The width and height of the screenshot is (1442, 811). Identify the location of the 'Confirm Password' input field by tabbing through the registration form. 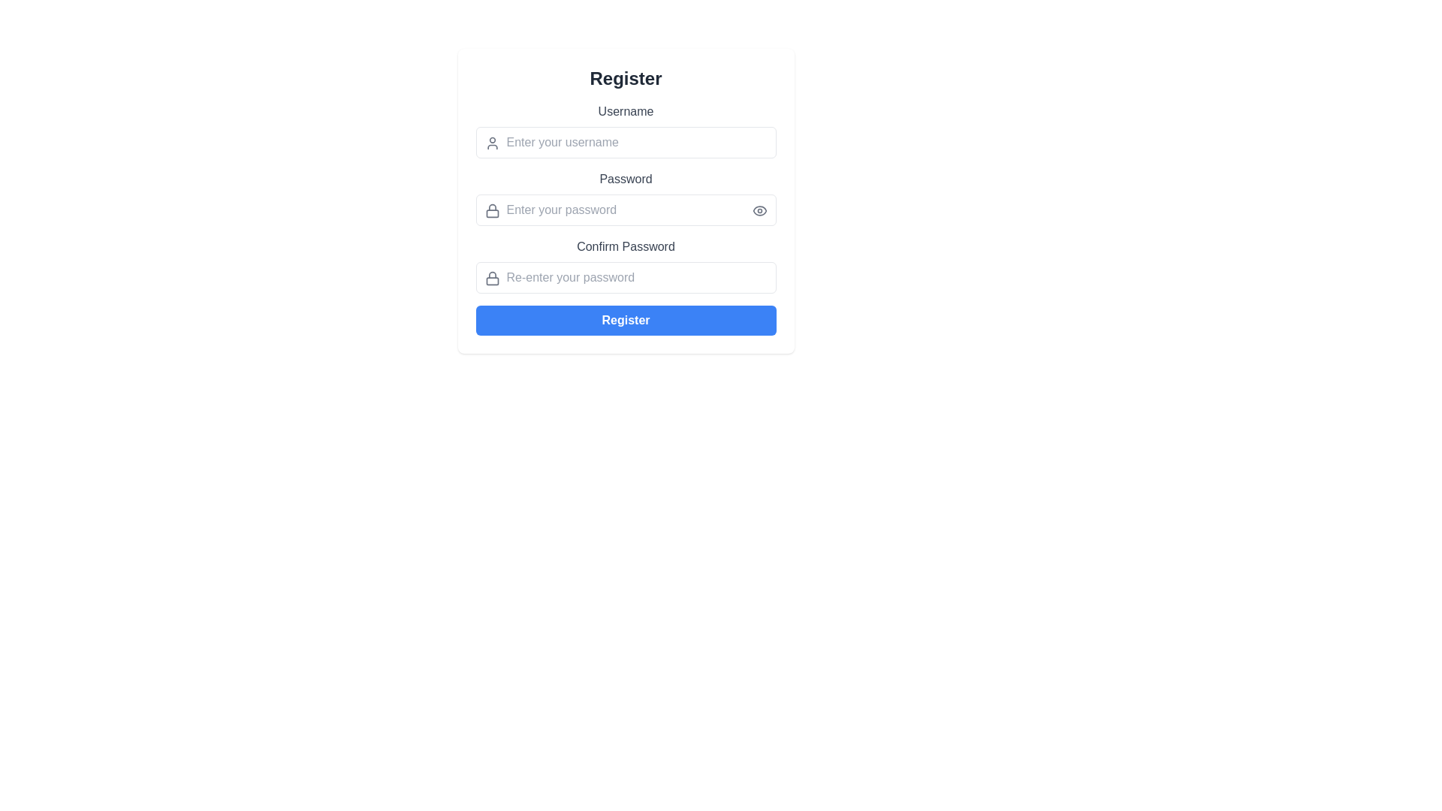
(626, 265).